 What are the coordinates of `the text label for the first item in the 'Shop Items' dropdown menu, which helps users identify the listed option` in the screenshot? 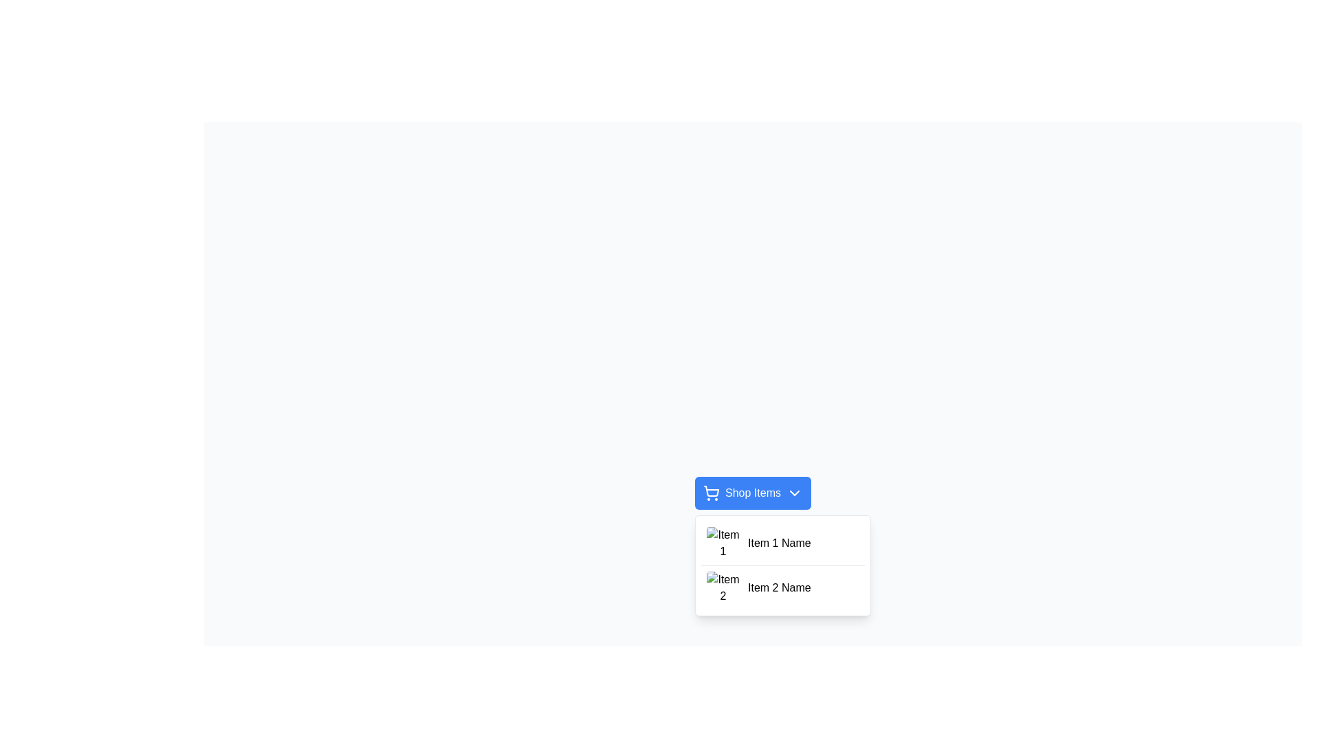 It's located at (779, 542).